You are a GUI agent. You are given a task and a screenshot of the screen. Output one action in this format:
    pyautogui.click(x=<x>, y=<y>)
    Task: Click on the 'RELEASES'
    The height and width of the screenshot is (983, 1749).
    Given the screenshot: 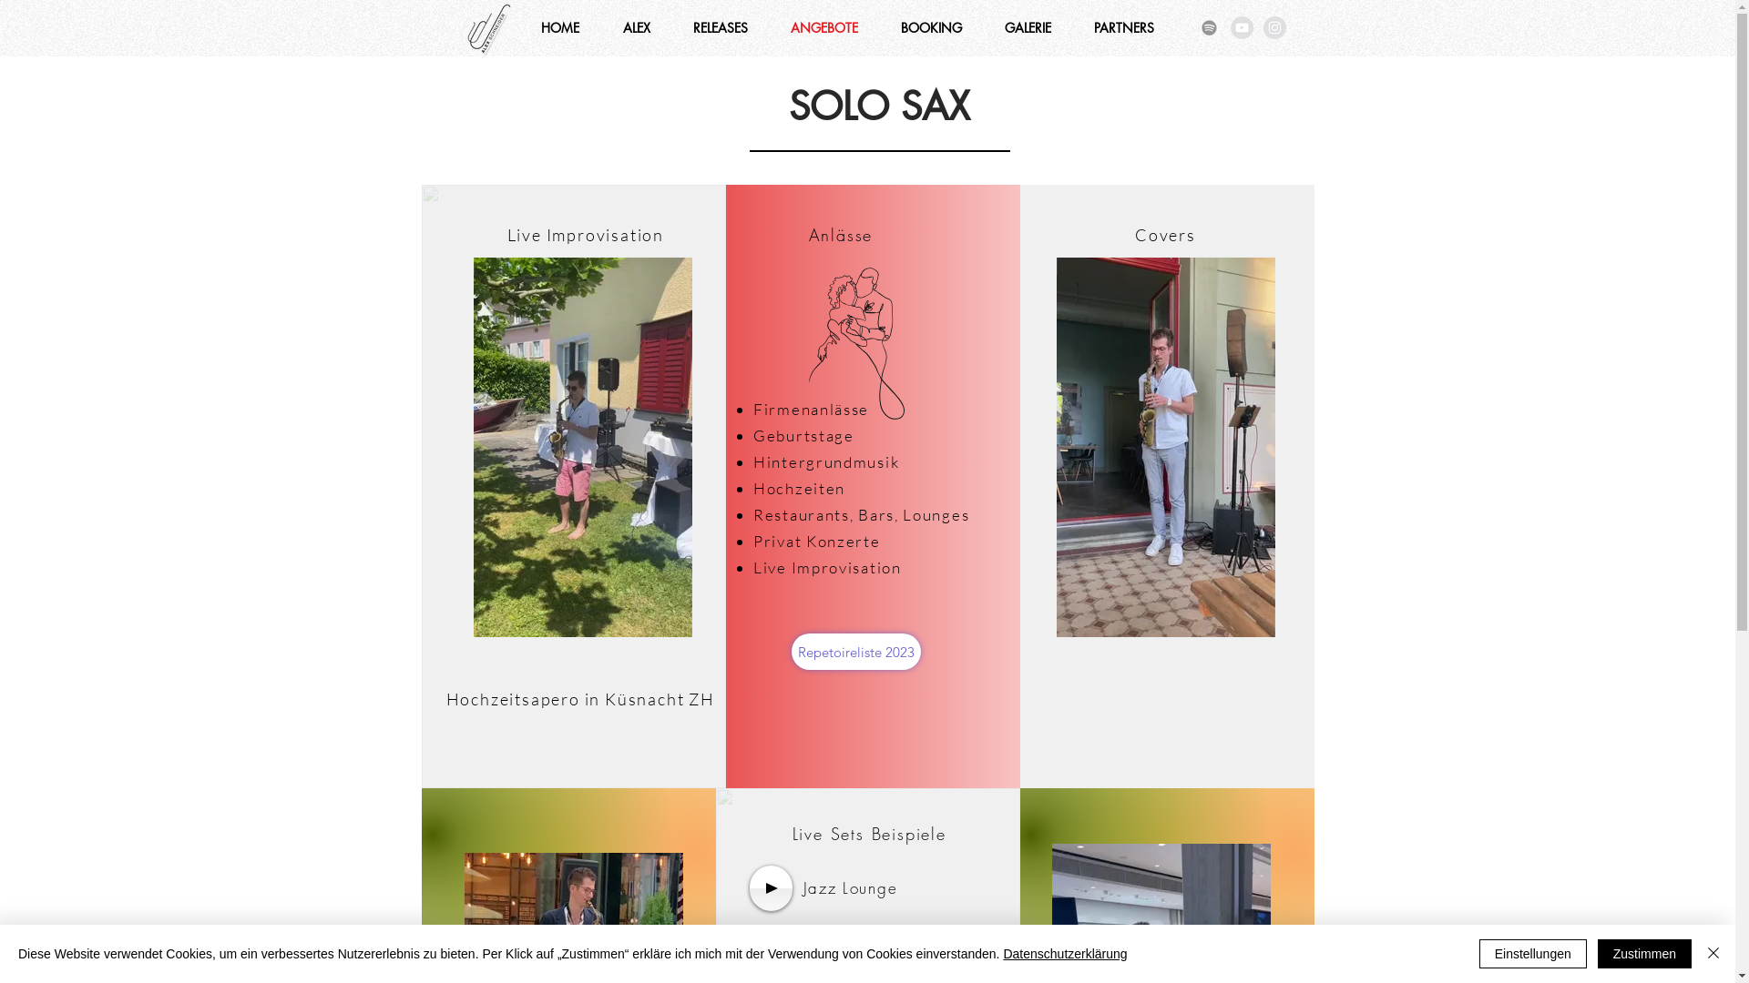 What is the action you would take?
    pyautogui.click(x=720, y=27)
    